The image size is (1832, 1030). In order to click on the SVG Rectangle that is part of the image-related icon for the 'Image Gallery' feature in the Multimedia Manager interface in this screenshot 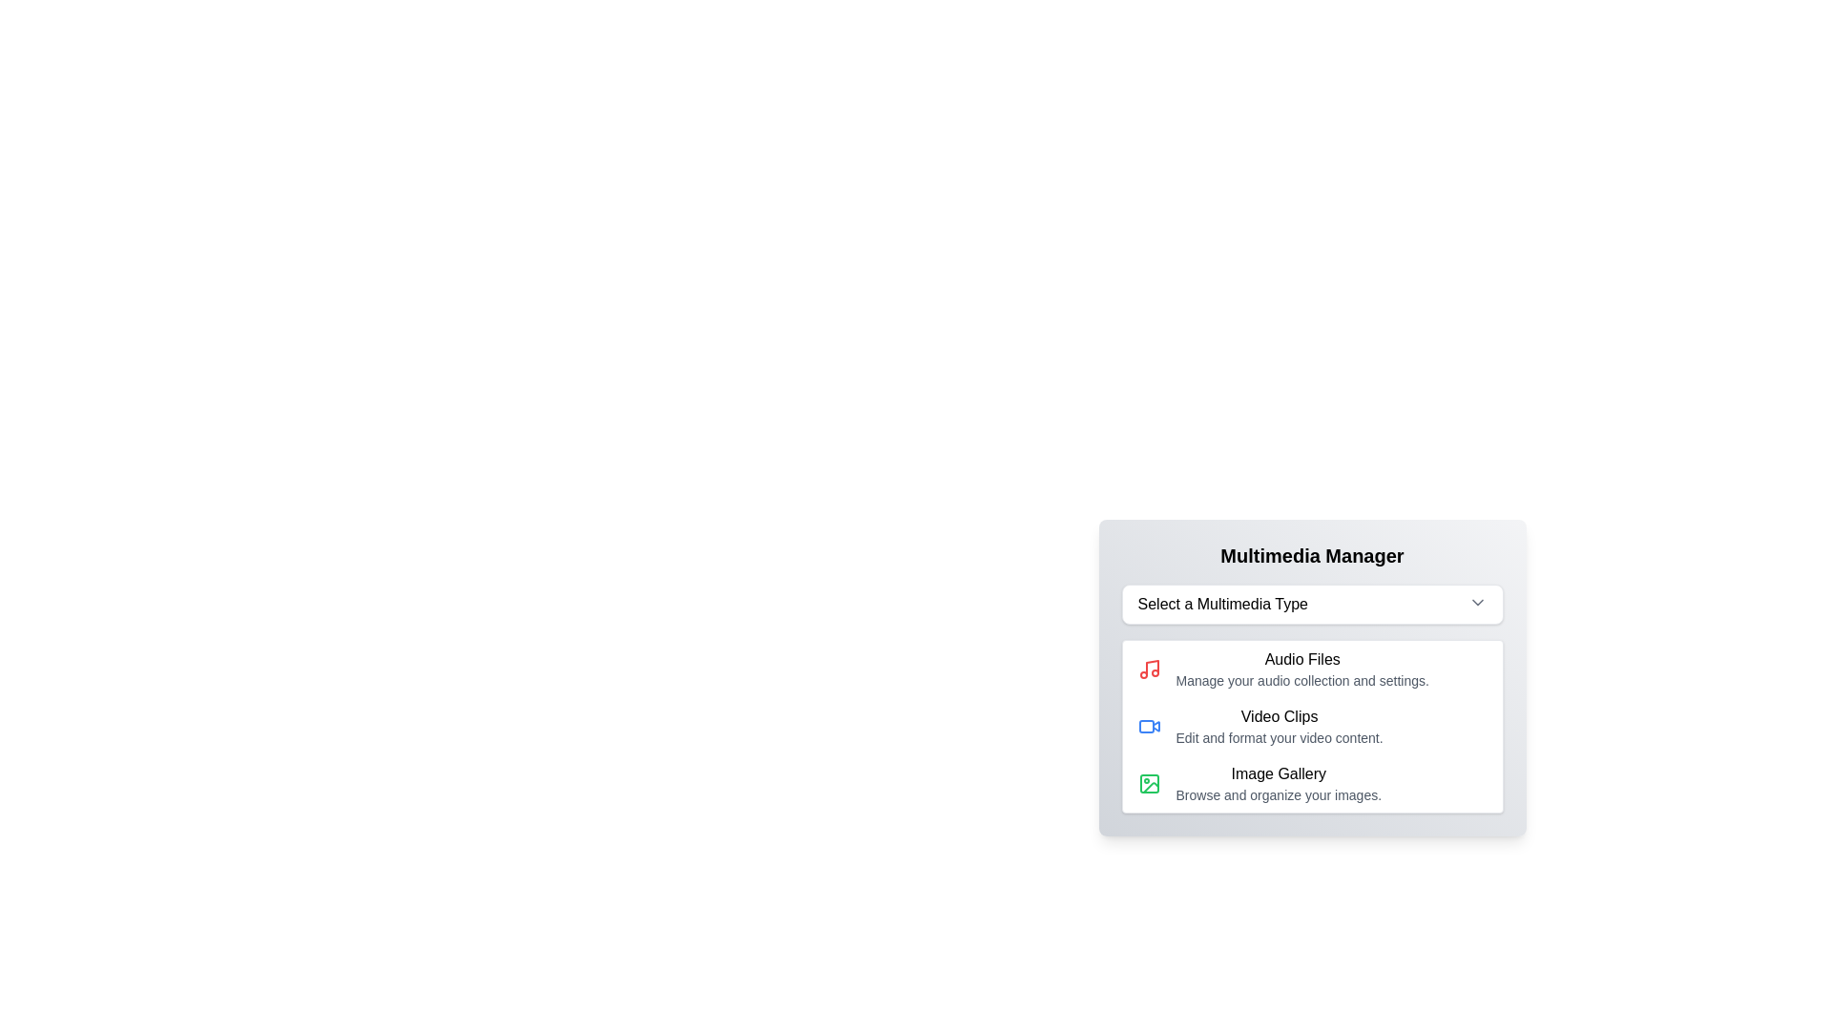, I will do `click(1148, 783)`.